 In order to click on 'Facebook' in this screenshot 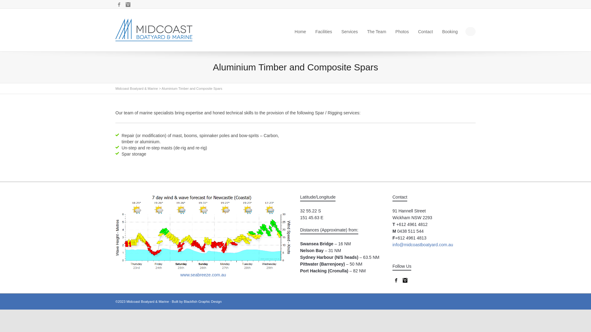, I will do `click(396, 280)`.